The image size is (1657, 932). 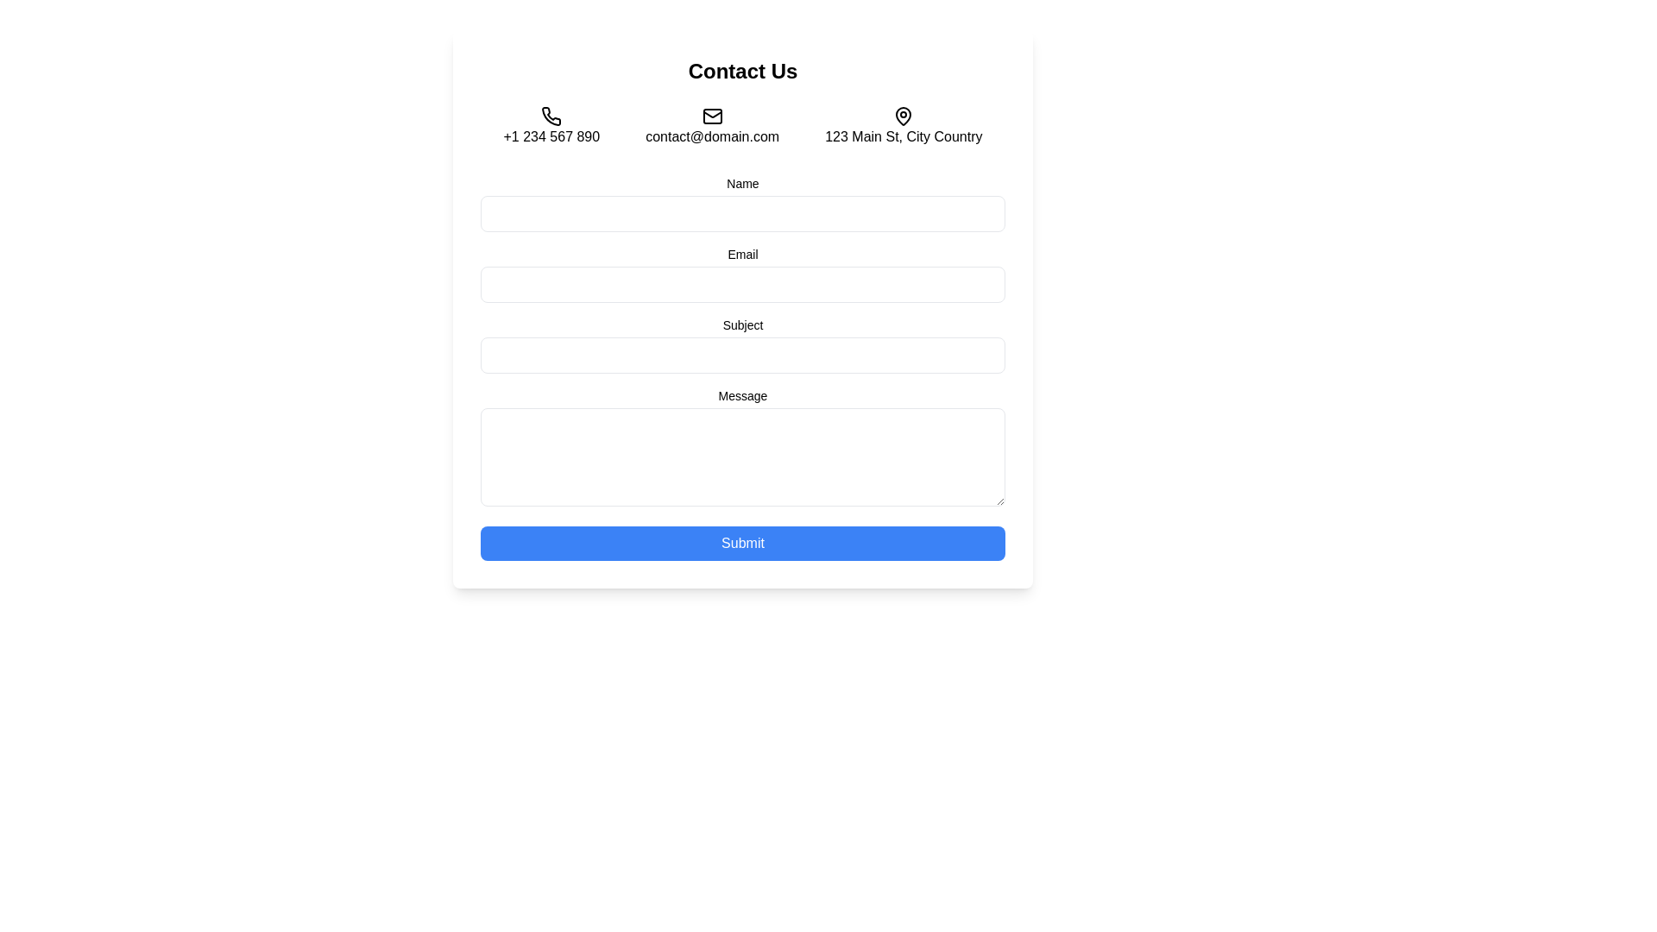 What do you see at coordinates (903, 125) in the screenshot?
I see `the address display element, which is the rightmost in a row under the 'Contact Us' heading` at bounding box center [903, 125].